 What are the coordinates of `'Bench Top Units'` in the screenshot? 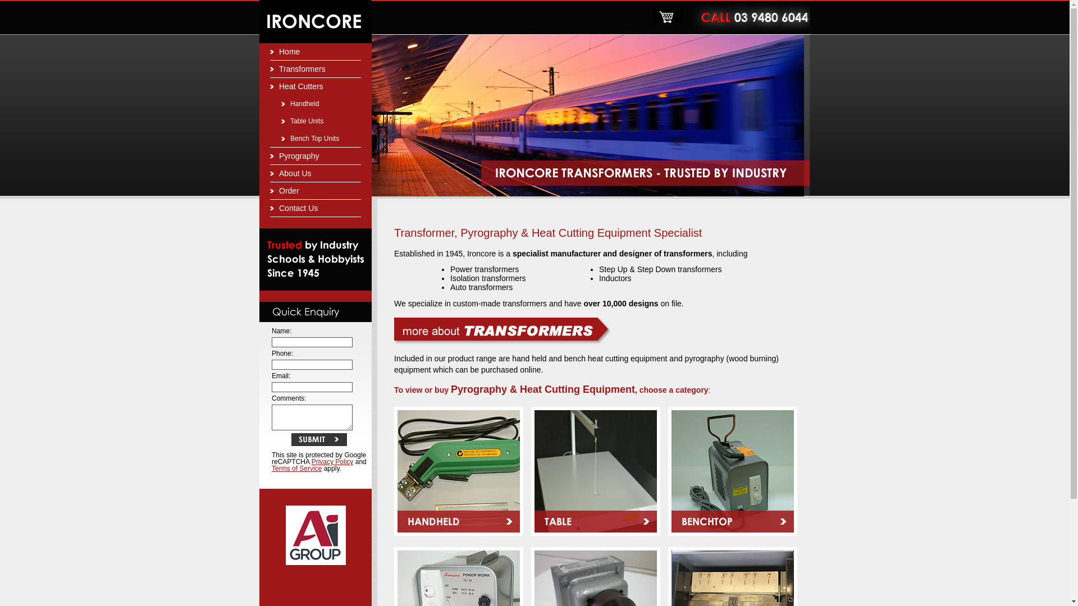 It's located at (314, 138).